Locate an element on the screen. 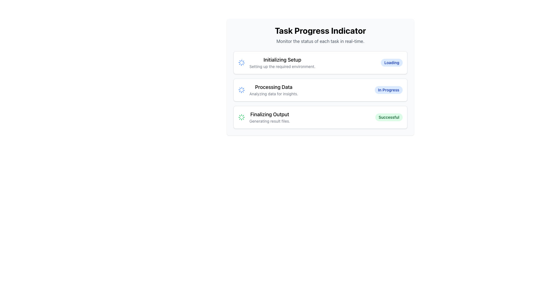 This screenshot has width=535, height=301. the Animated Loader Icon, which is a spinning loader icon with blue-colored segments, located to the left of the 'Processing Data' text in the second row of the task list is located at coordinates (242, 90).